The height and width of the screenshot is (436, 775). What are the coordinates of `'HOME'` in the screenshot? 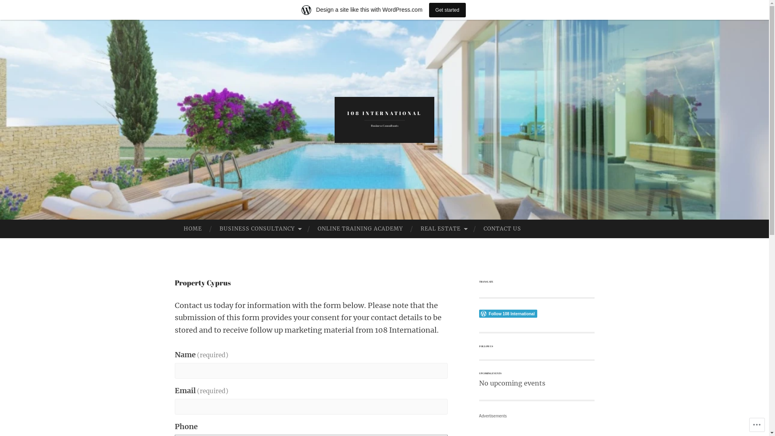 It's located at (174, 229).